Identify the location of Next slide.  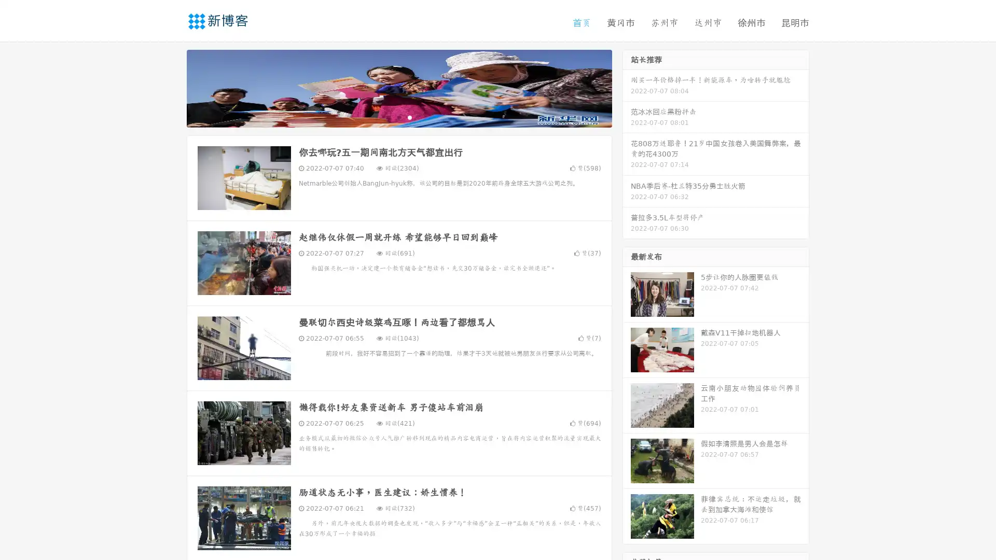
(627, 87).